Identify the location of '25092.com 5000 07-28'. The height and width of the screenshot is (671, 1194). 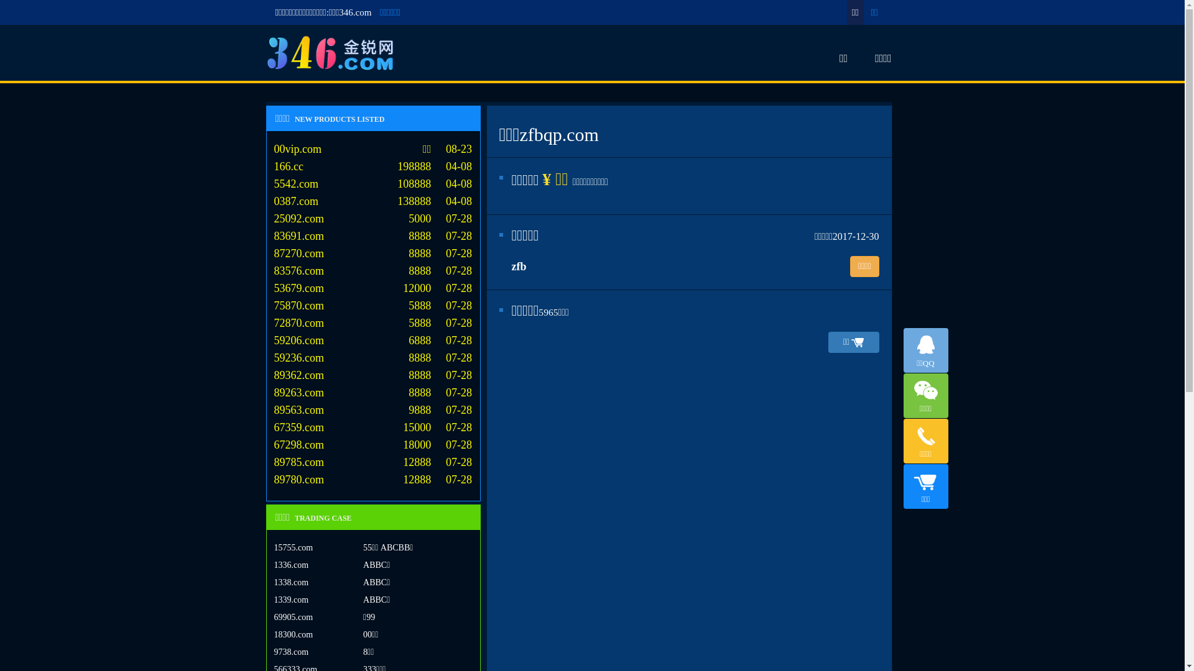
(372, 222).